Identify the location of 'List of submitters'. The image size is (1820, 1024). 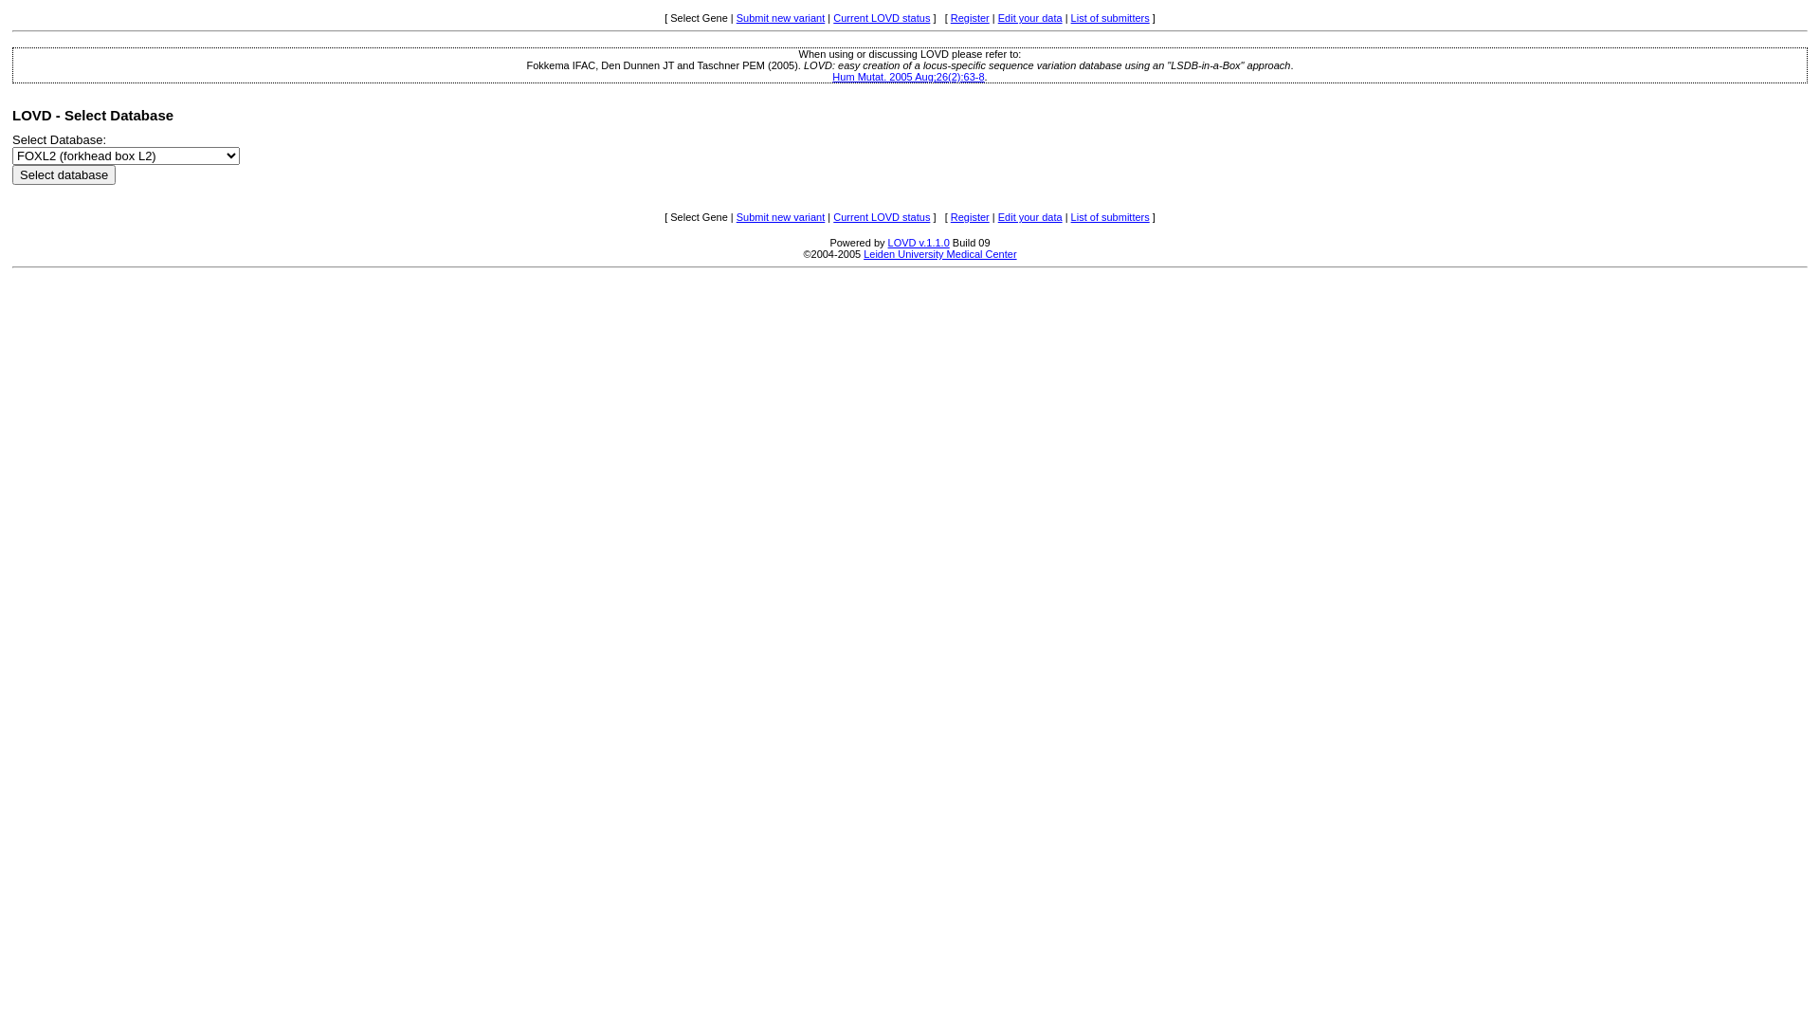
(1110, 18).